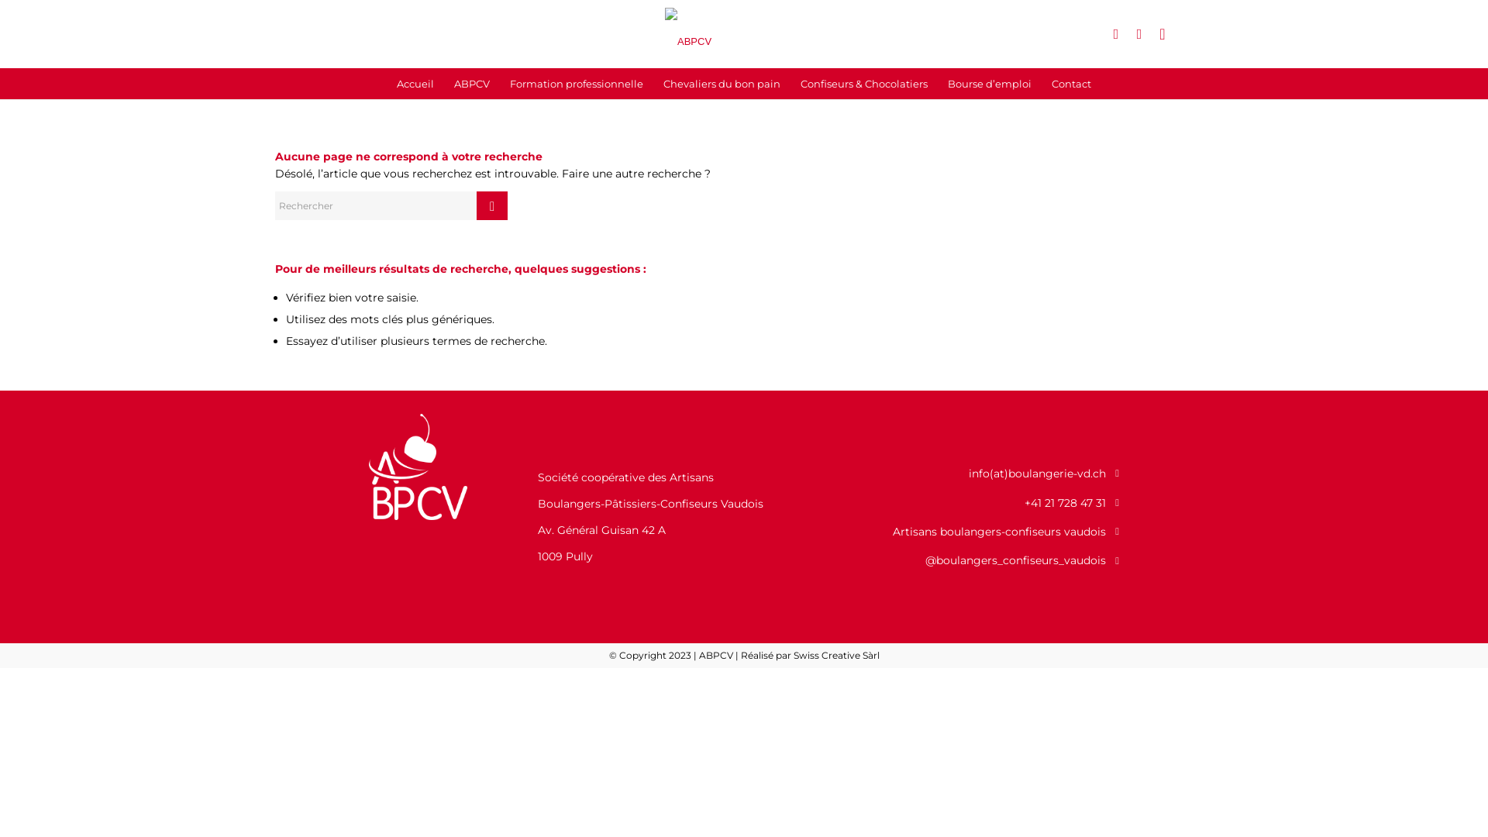 The height and width of the screenshot is (837, 1488). I want to click on 'Accueil', so click(415, 84).